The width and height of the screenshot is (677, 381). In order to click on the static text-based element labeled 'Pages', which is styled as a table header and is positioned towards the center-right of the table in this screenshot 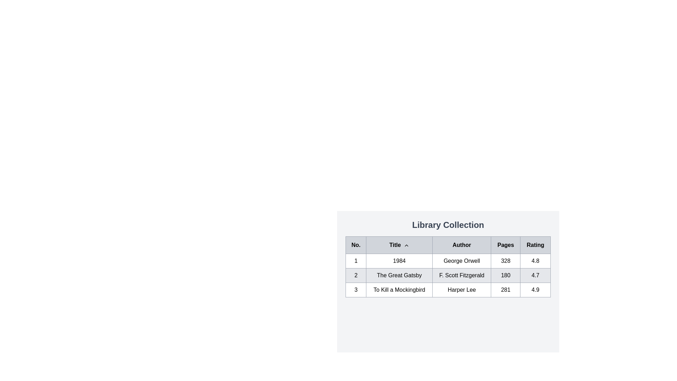, I will do `click(505, 244)`.